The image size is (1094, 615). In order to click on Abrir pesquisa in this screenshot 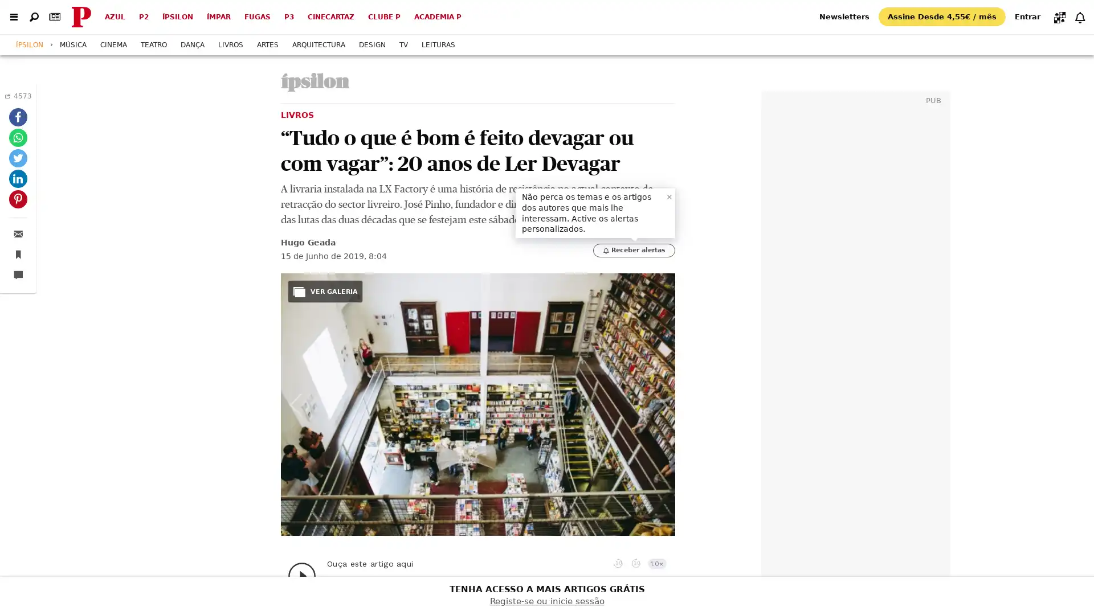, I will do `click(34, 17)`.